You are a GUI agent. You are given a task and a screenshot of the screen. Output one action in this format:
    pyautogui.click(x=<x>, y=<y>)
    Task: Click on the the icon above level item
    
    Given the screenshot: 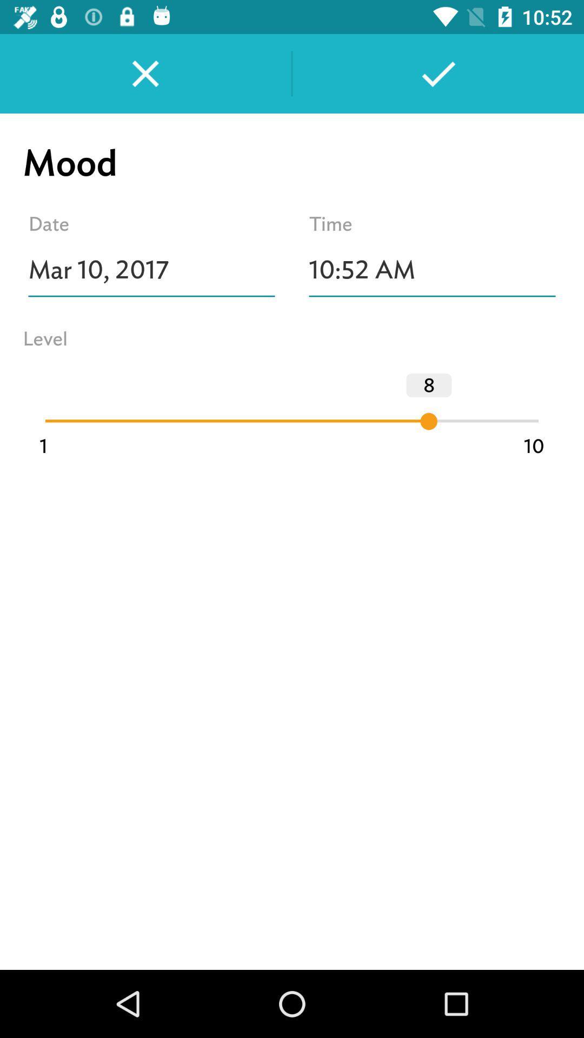 What is the action you would take?
    pyautogui.click(x=151, y=270)
    